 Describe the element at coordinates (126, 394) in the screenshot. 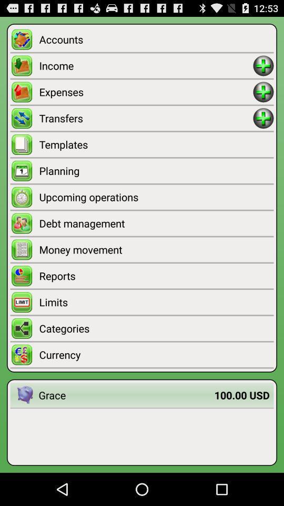

I see `icon below the currency app` at that location.